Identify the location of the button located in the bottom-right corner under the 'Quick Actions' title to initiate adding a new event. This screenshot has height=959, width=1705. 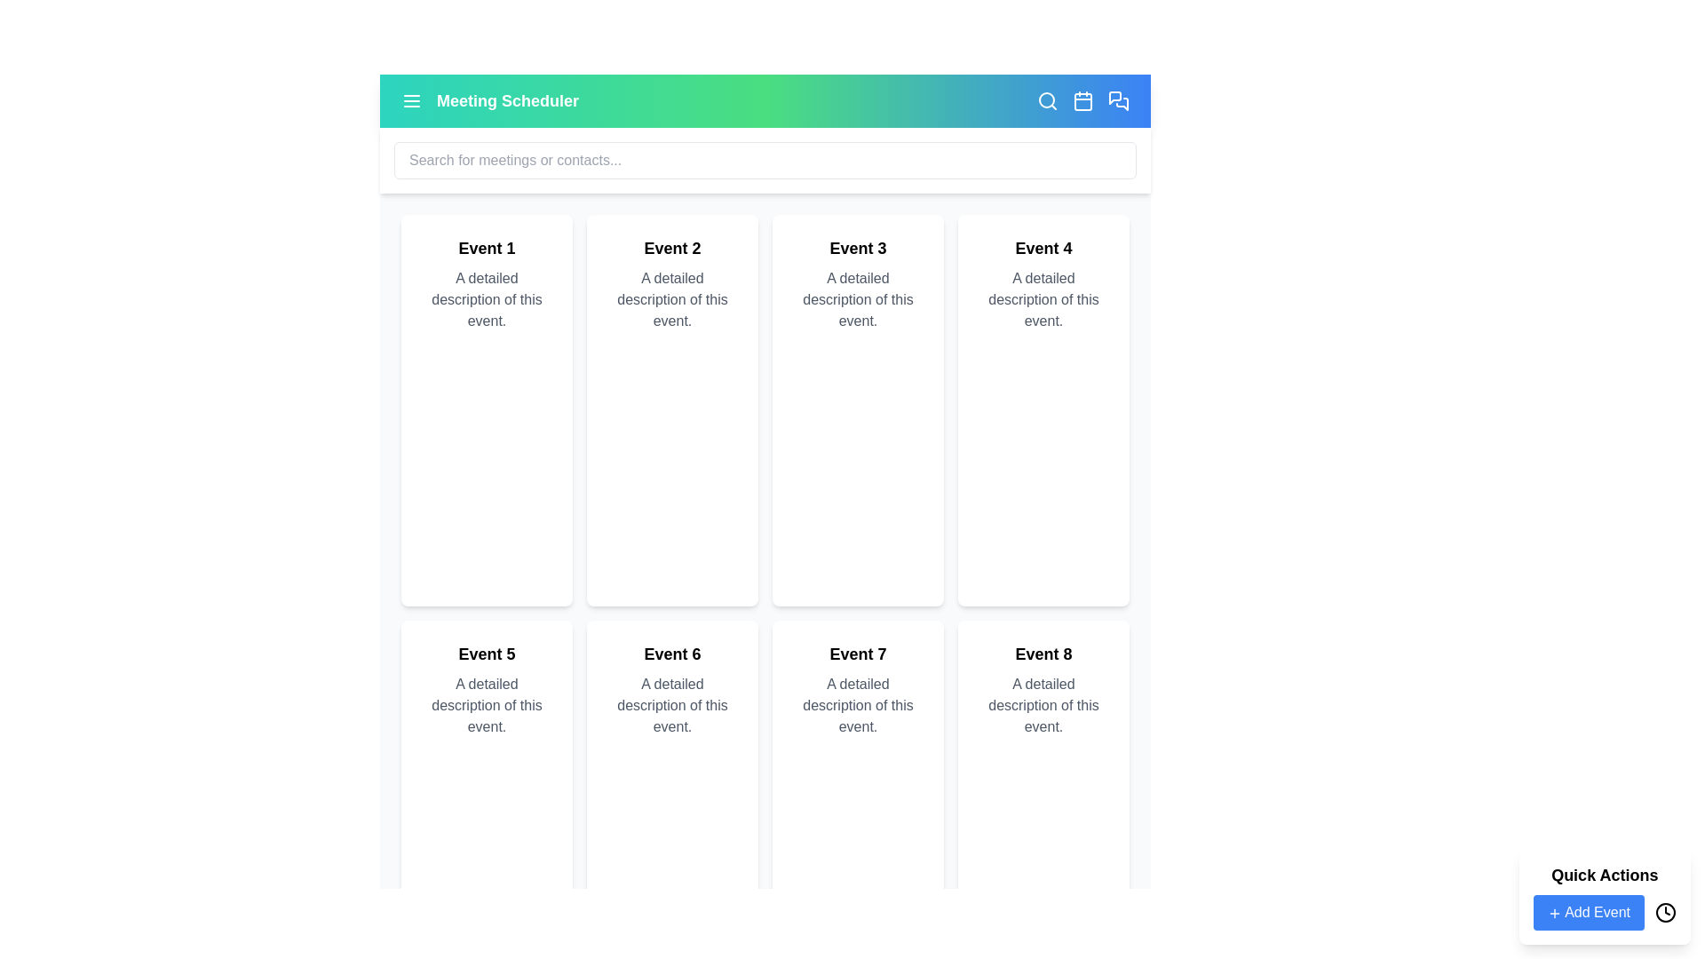
(1589, 913).